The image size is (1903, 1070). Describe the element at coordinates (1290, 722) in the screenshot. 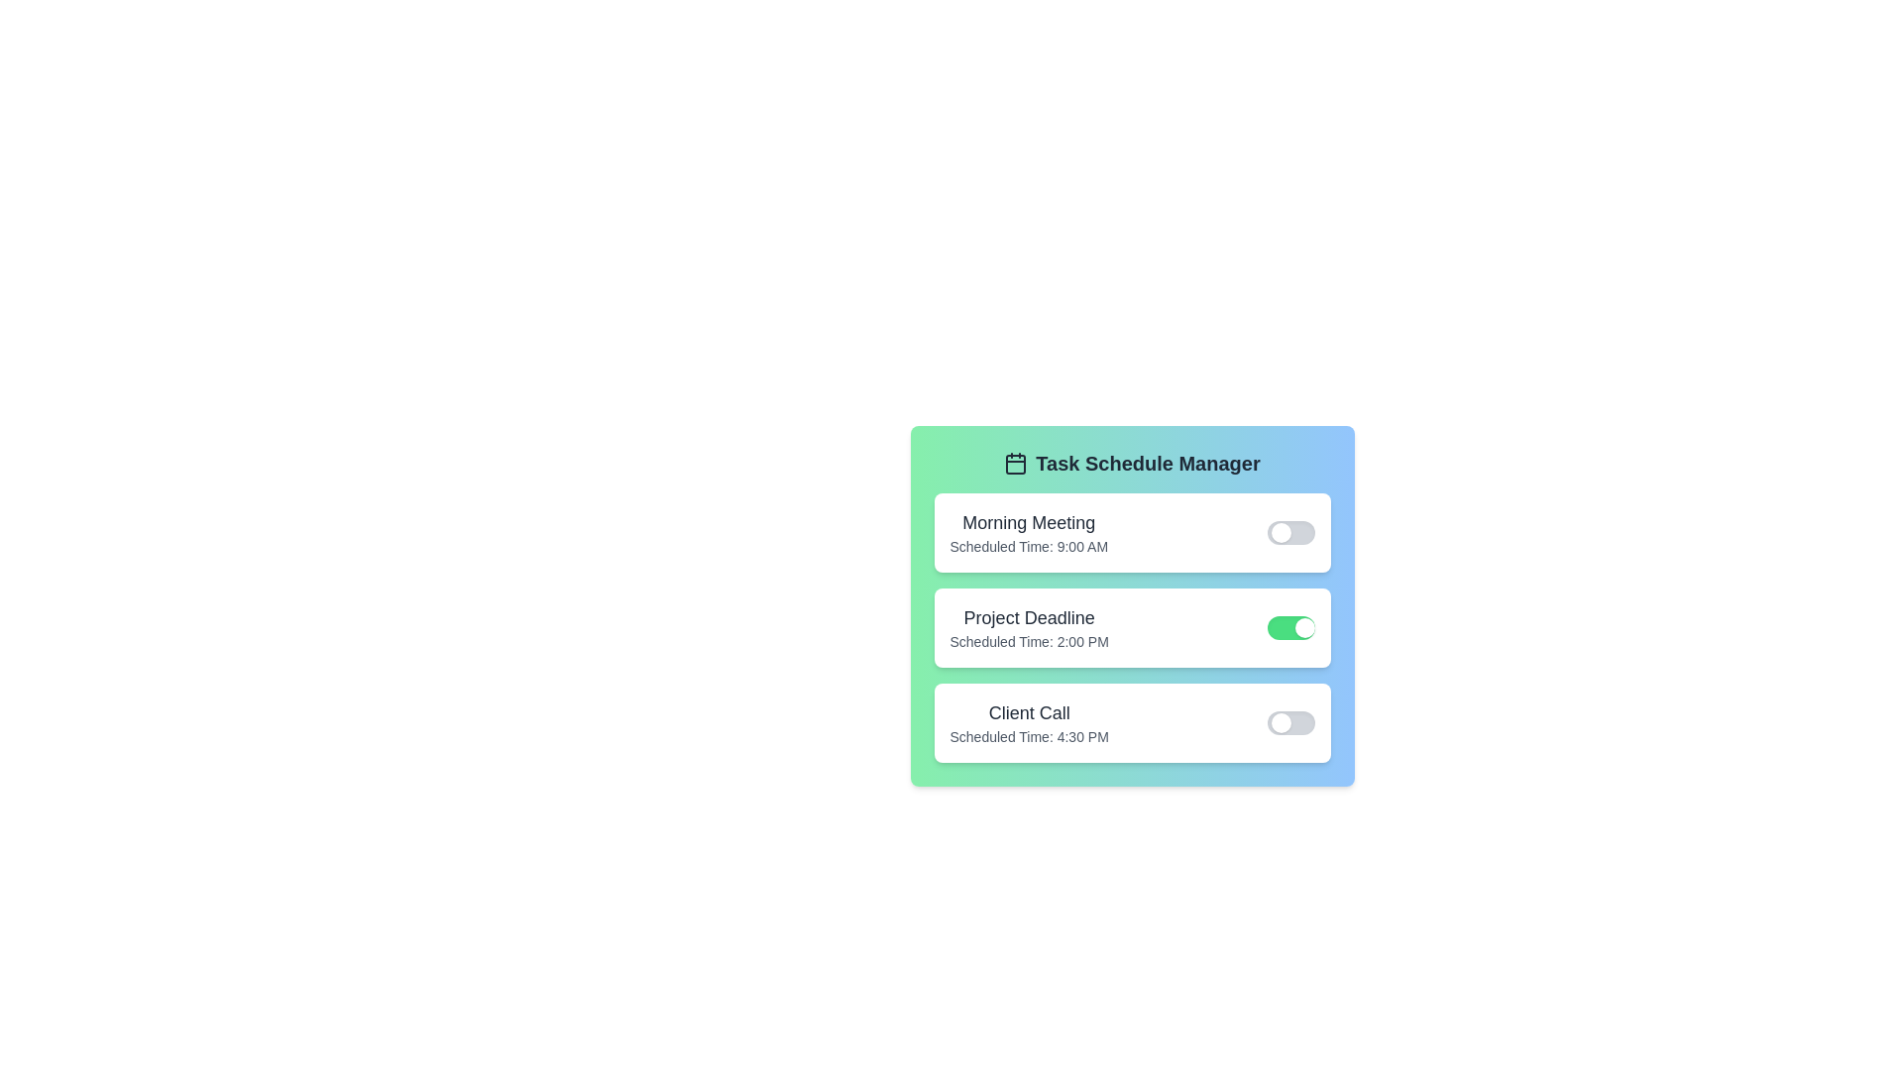

I see `the completion status of the task Client Call` at that location.